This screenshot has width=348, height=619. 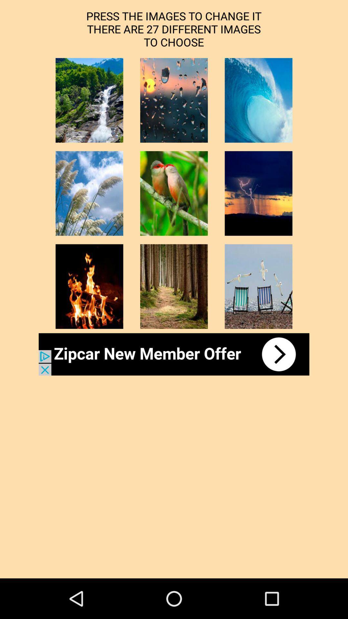 What do you see at coordinates (89, 100) in the screenshot?
I see `this image` at bounding box center [89, 100].